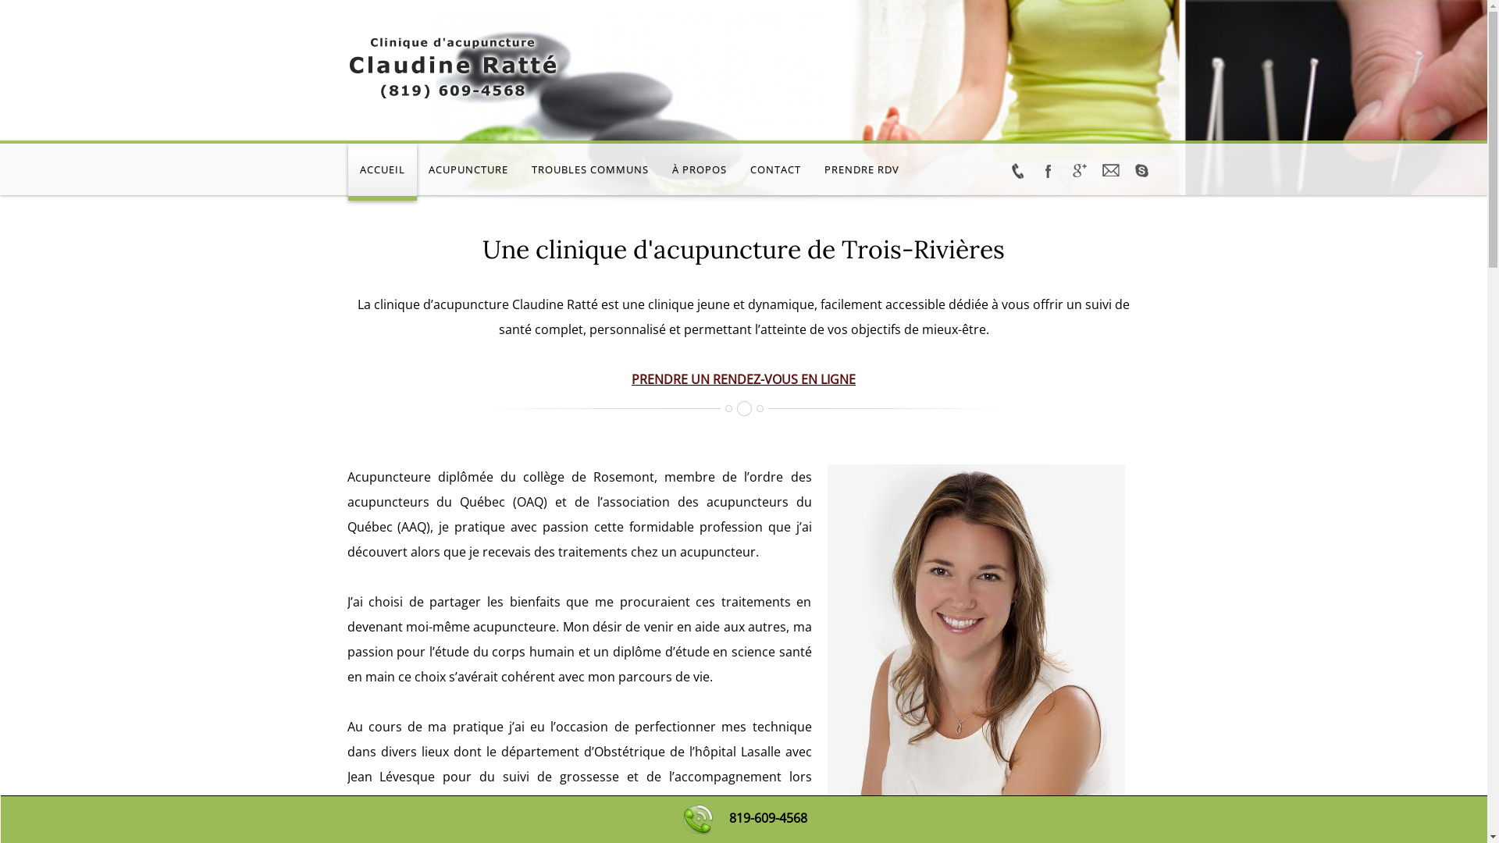 This screenshot has width=1499, height=843. What do you see at coordinates (1016, 171) in the screenshot?
I see `'Twitter'` at bounding box center [1016, 171].